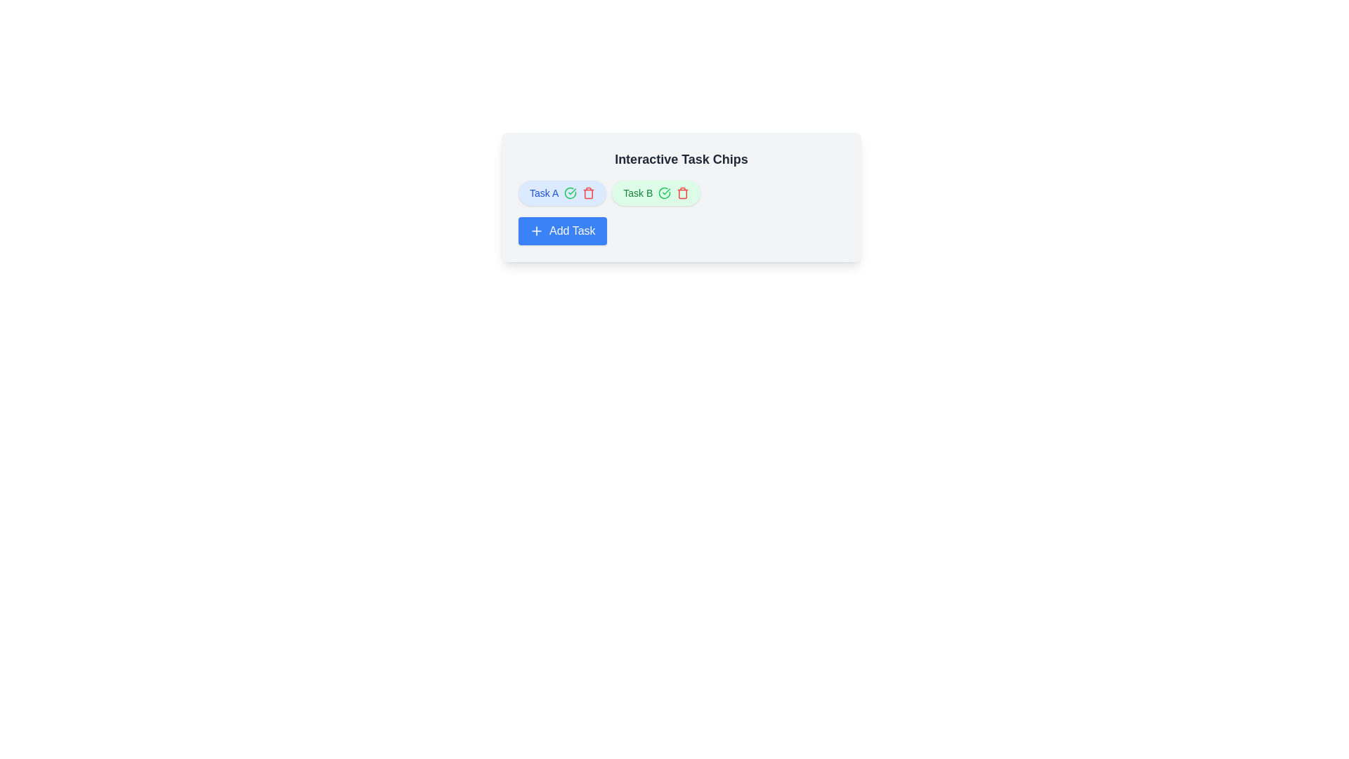 The image size is (1349, 759). What do you see at coordinates (562, 230) in the screenshot?
I see `the blue 'Add Task' button with white text and a '+' icon` at bounding box center [562, 230].